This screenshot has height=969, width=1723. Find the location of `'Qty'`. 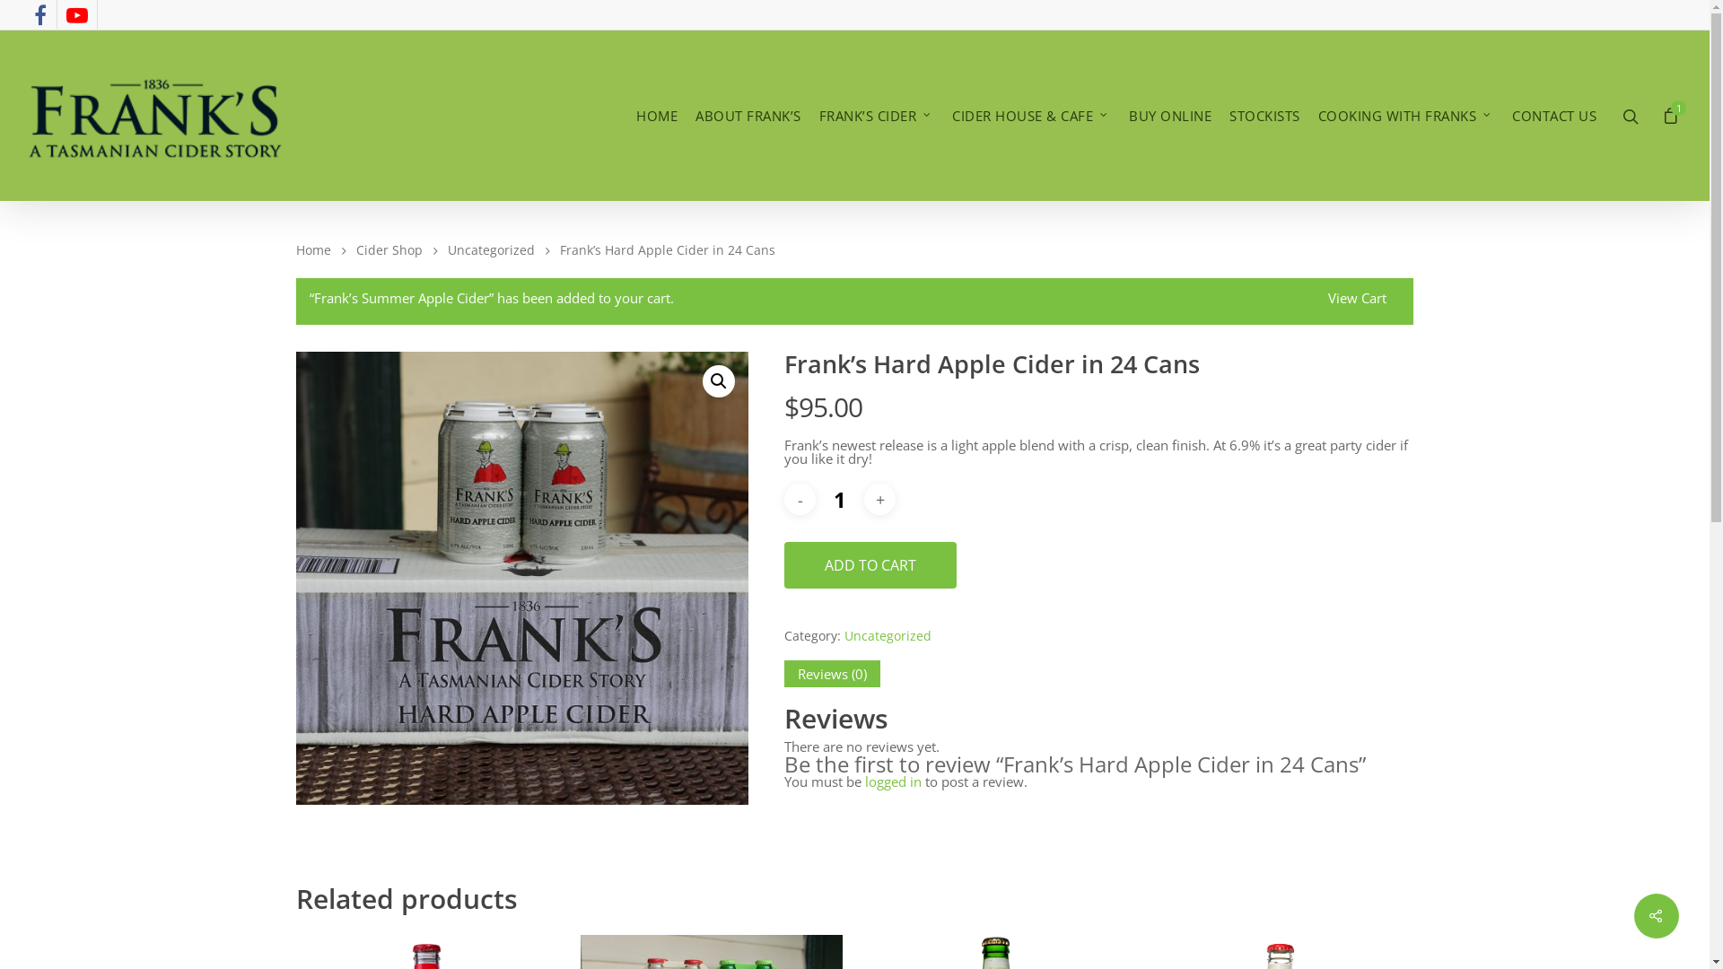

'Qty' is located at coordinates (818, 499).